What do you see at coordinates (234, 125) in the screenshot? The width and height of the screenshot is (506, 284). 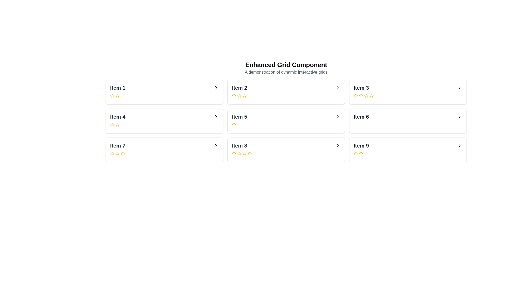 I see `the golden yellow star-shaped icon, which is the first in a horizontal group of three stars in the 'Item 5' card` at bounding box center [234, 125].